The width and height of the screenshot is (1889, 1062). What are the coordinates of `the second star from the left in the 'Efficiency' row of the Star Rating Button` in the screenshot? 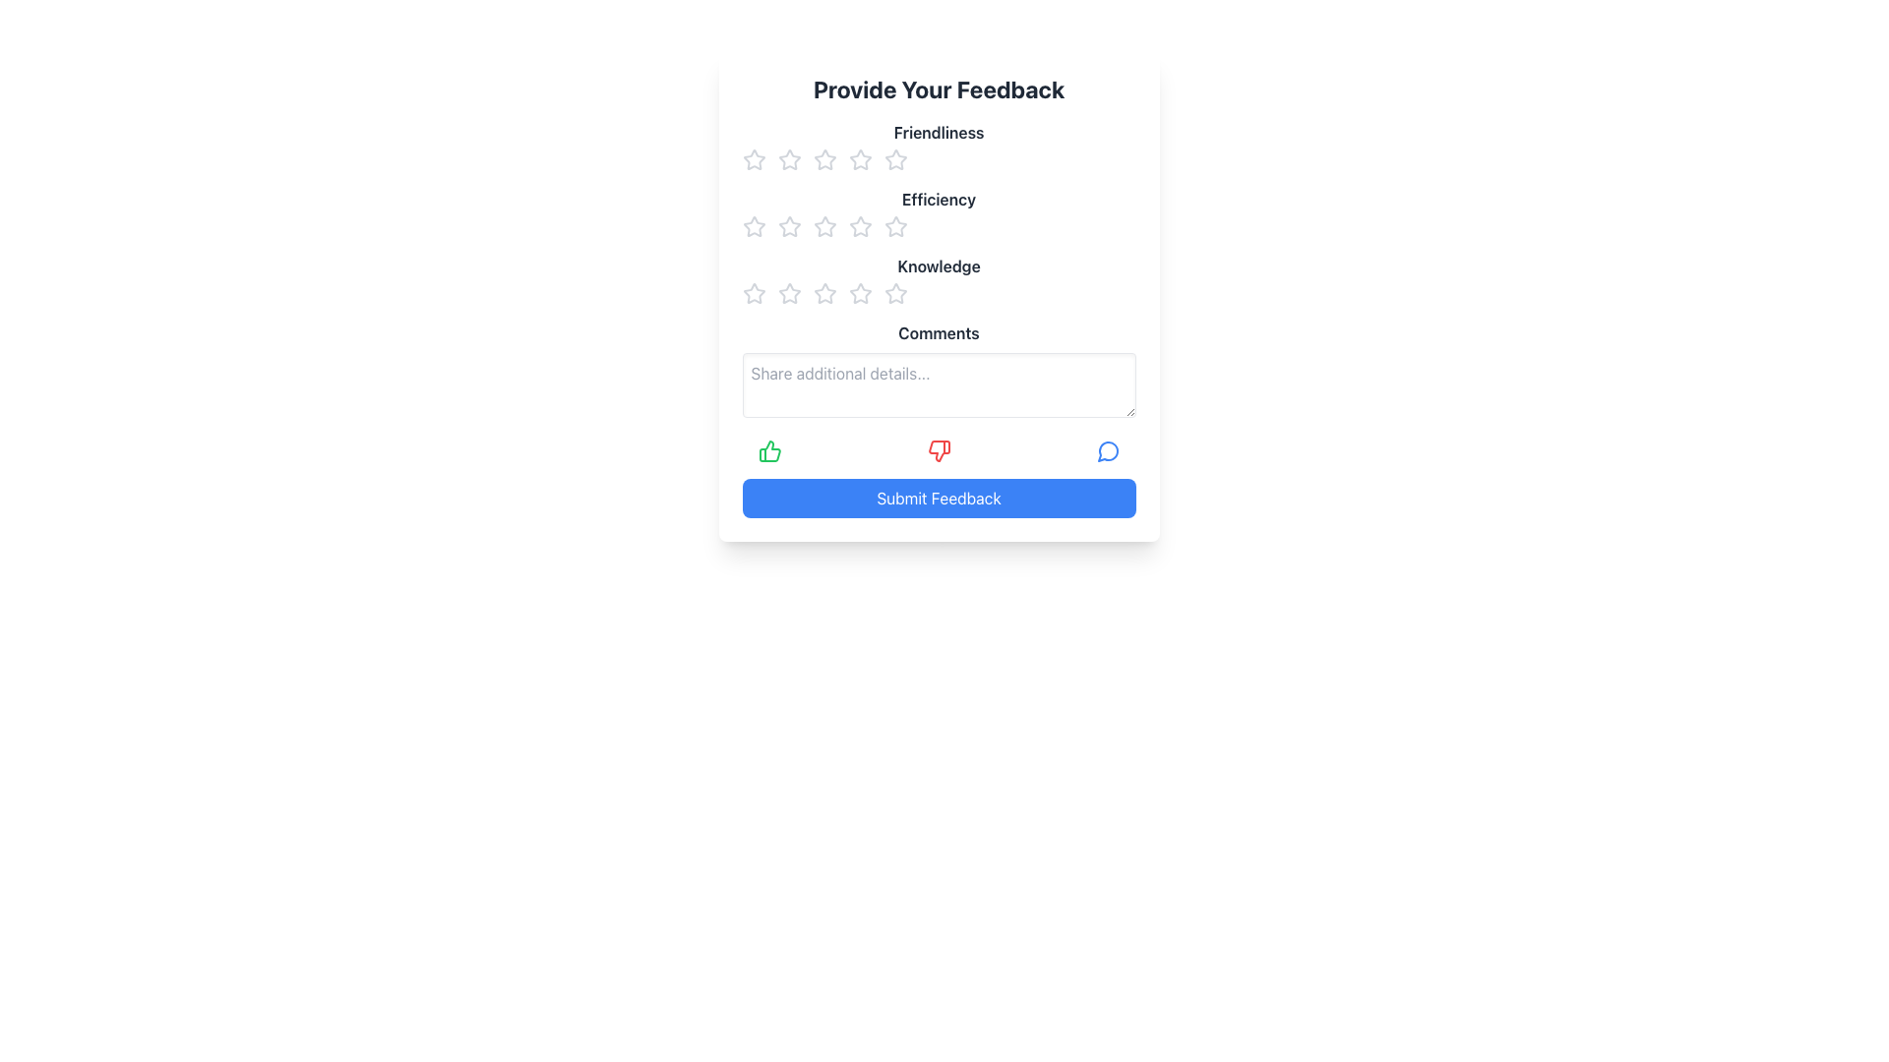 It's located at (824, 225).